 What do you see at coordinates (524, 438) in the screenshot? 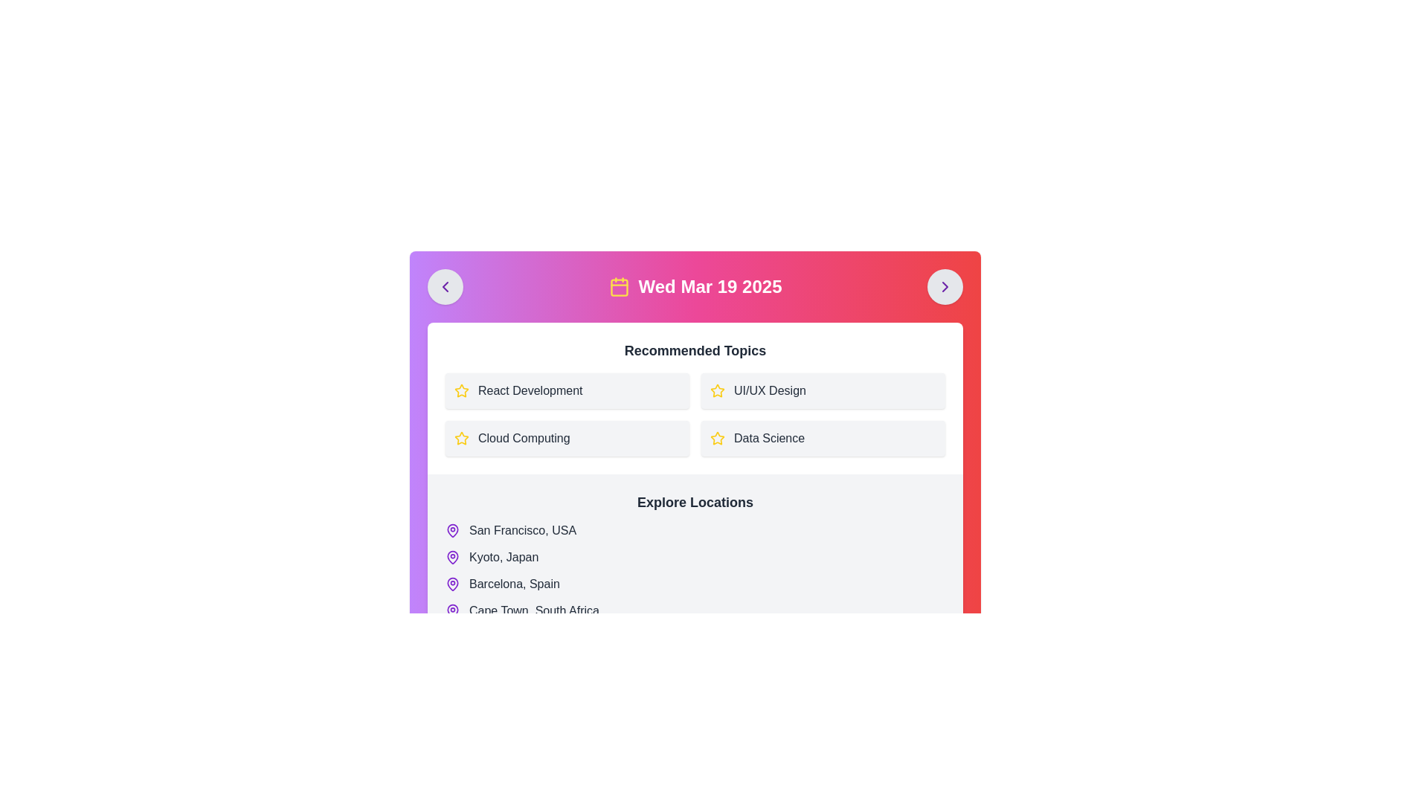
I see `the text label describing 'Cloud Computing' located below the 'React Development' element in the left column of the 'Recommended Topics' section` at bounding box center [524, 438].